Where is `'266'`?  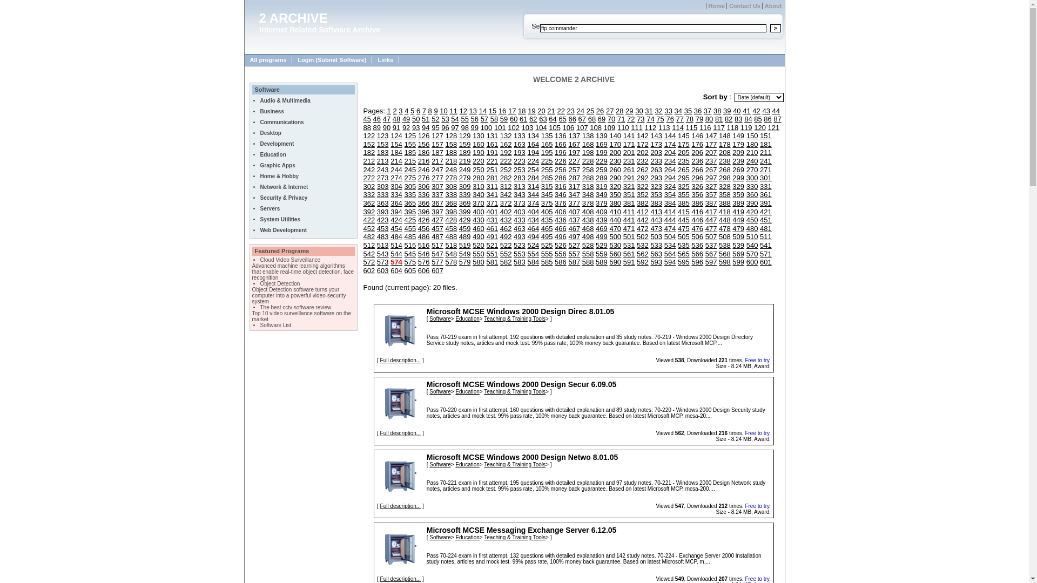
'266' is located at coordinates (691, 170).